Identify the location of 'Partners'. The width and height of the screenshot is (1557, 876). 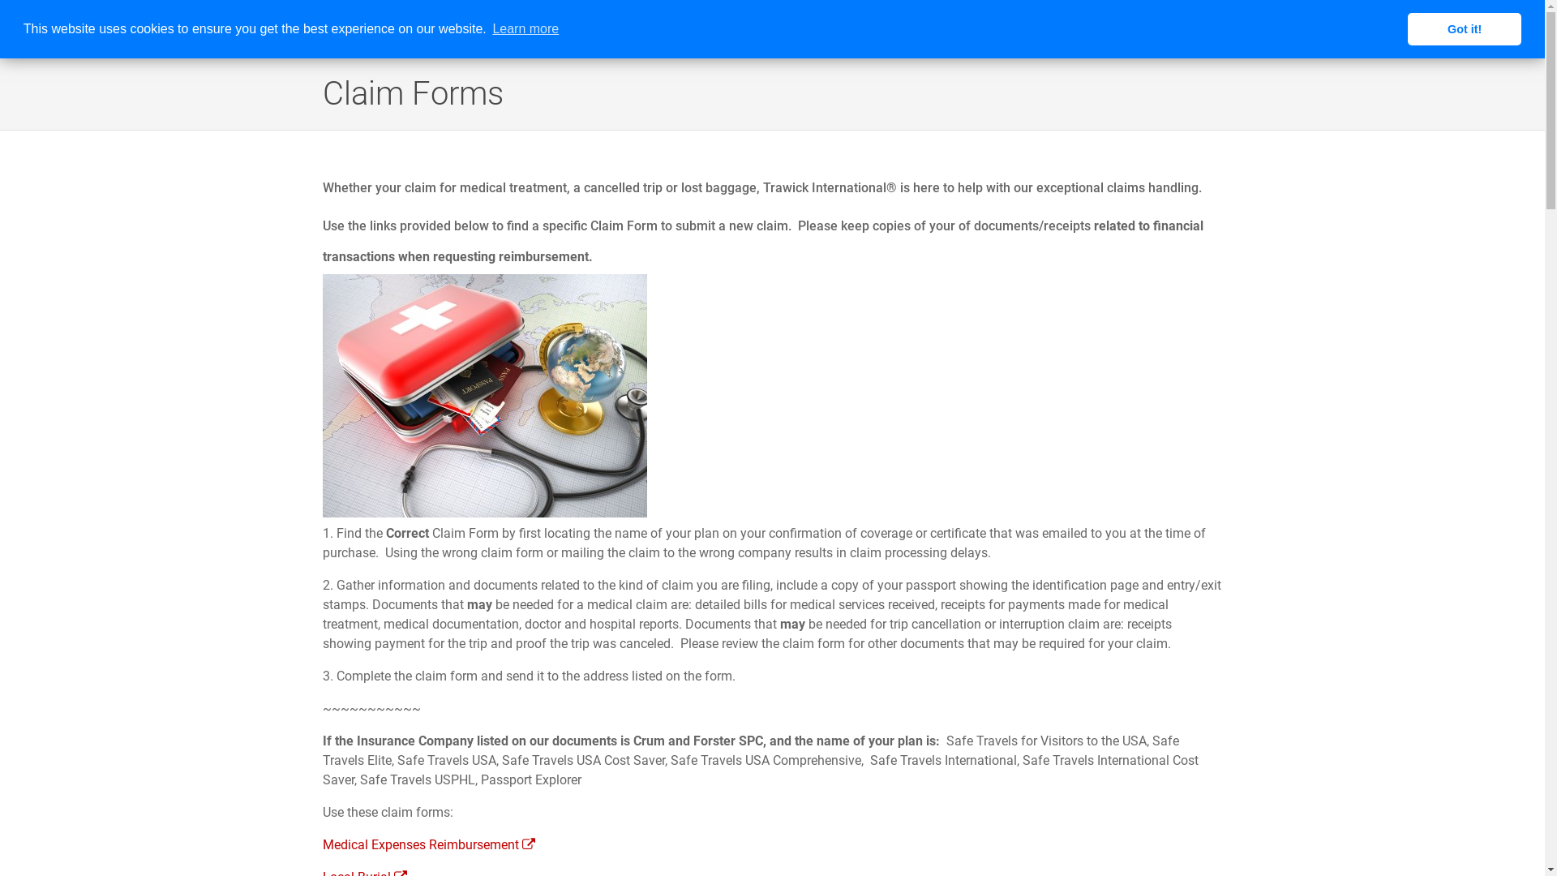
(1196, 28).